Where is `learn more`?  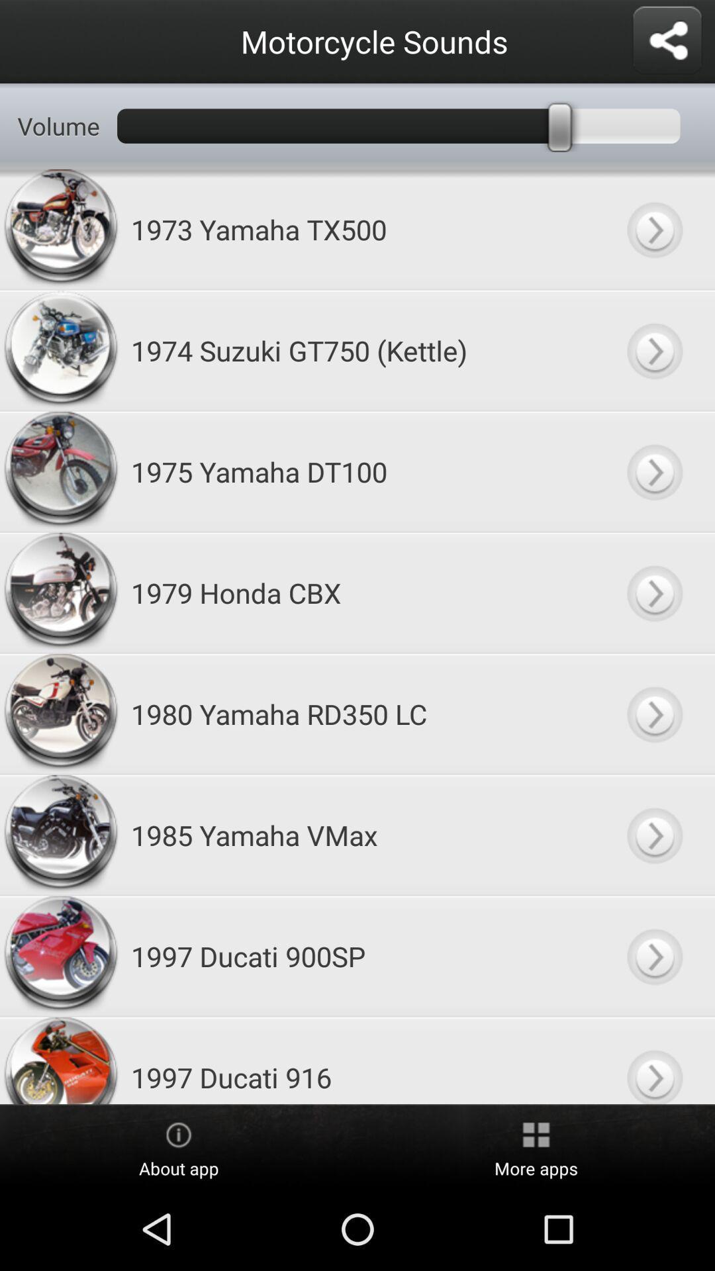 learn more is located at coordinates (653, 592).